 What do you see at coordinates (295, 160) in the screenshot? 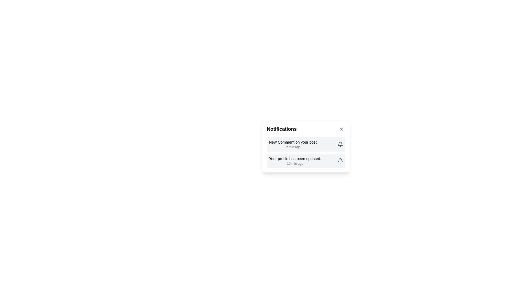
I see `the notification message 'Your profile has been updated.' located in the second position of the notification dropdown by clicking on it` at bounding box center [295, 160].